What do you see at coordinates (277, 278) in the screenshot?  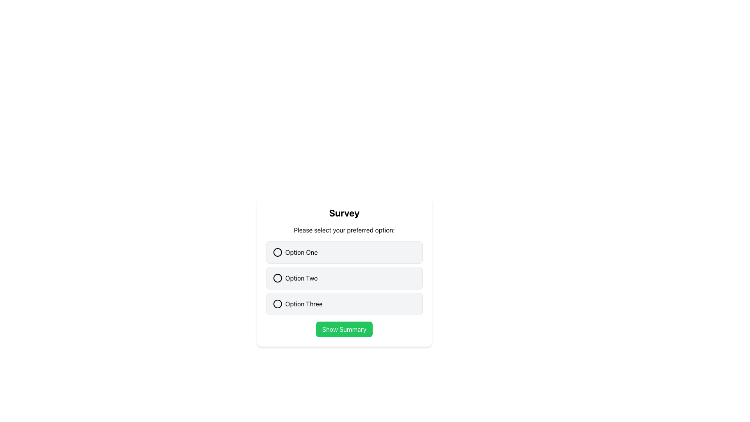 I see `the selection state of the radio button located near the left of the 'Option Two' label in the second option group of the survey interface` at bounding box center [277, 278].